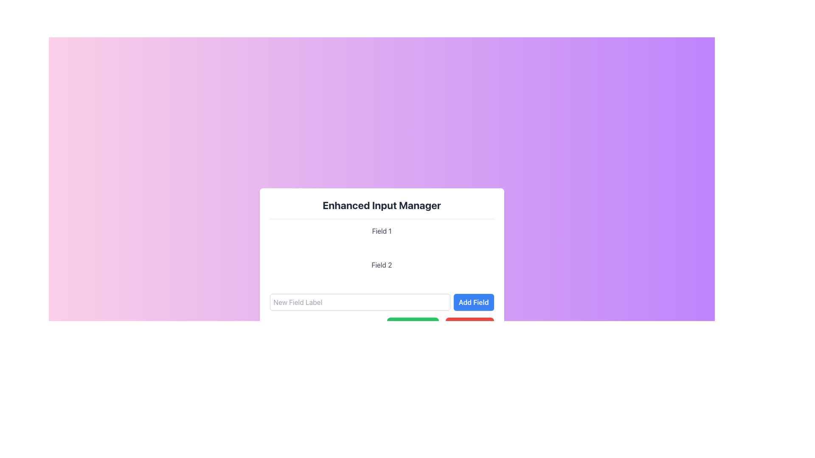 Image resolution: width=815 pixels, height=458 pixels. I want to click on the confirm button located at the bottom center of the interface, positioned to the left of the 'Cancel' button, to confirm the action, so click(413, 325).